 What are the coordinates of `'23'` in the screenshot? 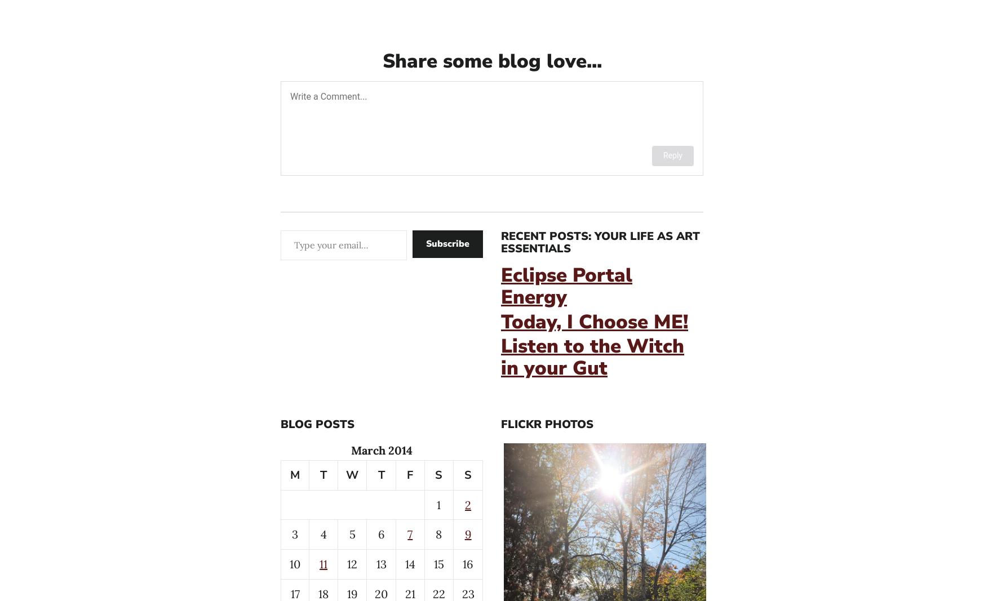 It's located at (468, 593).